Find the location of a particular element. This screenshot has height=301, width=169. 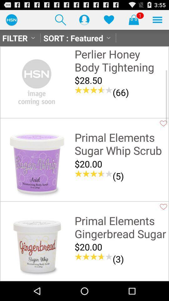

to the third icon from the right is located at coordinates (108, 19).